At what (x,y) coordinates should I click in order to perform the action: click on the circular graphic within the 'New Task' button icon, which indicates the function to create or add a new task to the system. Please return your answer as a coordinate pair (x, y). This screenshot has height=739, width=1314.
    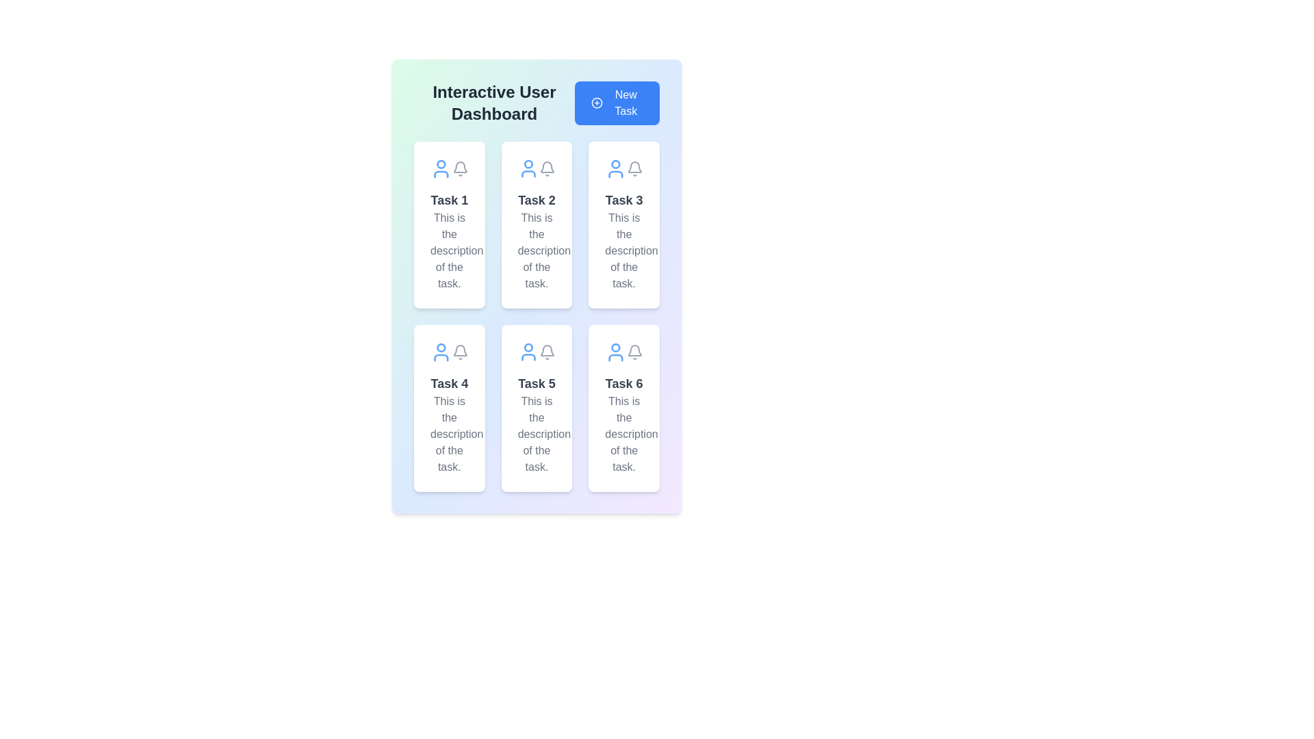
    Looking at the image, I should click on (597, 102).